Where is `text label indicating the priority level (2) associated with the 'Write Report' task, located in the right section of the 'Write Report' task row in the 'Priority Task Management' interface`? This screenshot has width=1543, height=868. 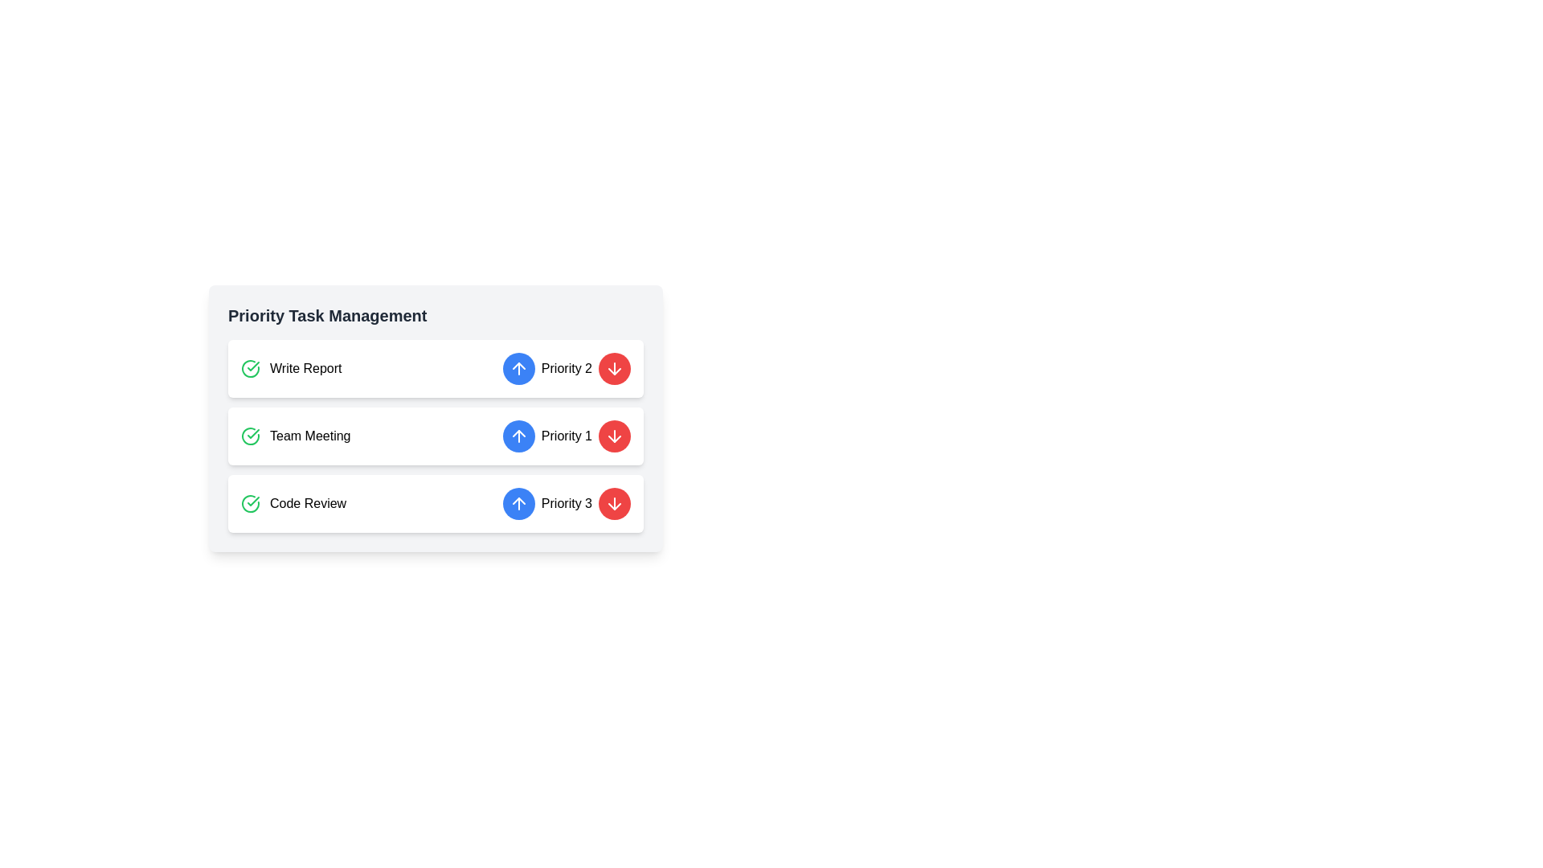
text label indicating the priority level (2) associated with the 'Write Report' task, located in the right section of the 'Write Report' task row in the 'Priority Task Management' interface is located at coordinates (567, 369).